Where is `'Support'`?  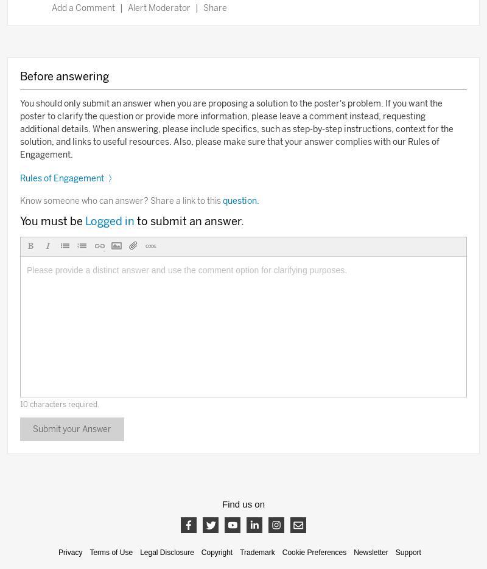
'Support' is located at coordinates (394, 552).